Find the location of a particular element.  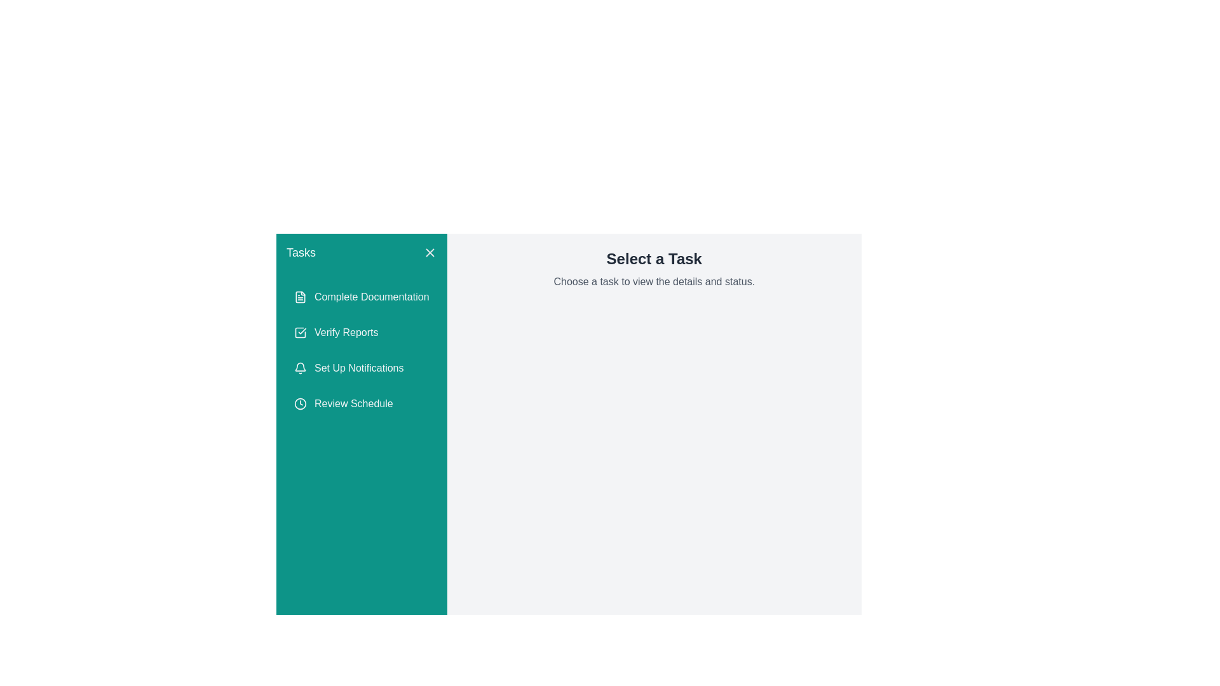

the second text label in the vertical list of tasks within the green sidebar menu on the left side of the interface is located at coordinates (346, 332).